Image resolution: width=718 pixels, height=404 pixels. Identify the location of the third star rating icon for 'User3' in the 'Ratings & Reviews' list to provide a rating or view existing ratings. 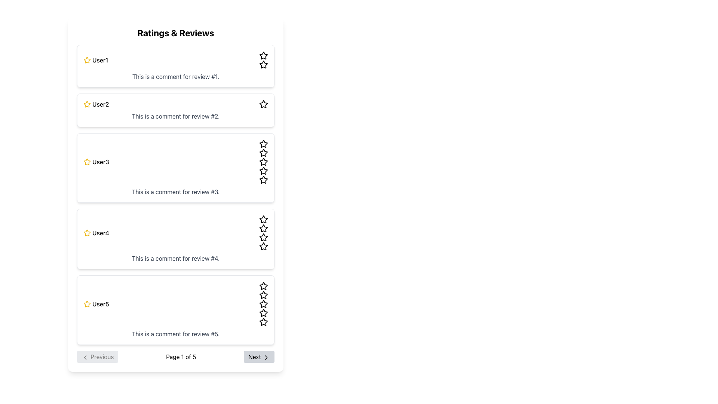
(264, 171).